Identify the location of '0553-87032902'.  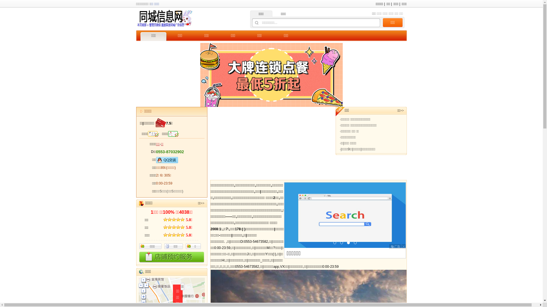
(170, 150).